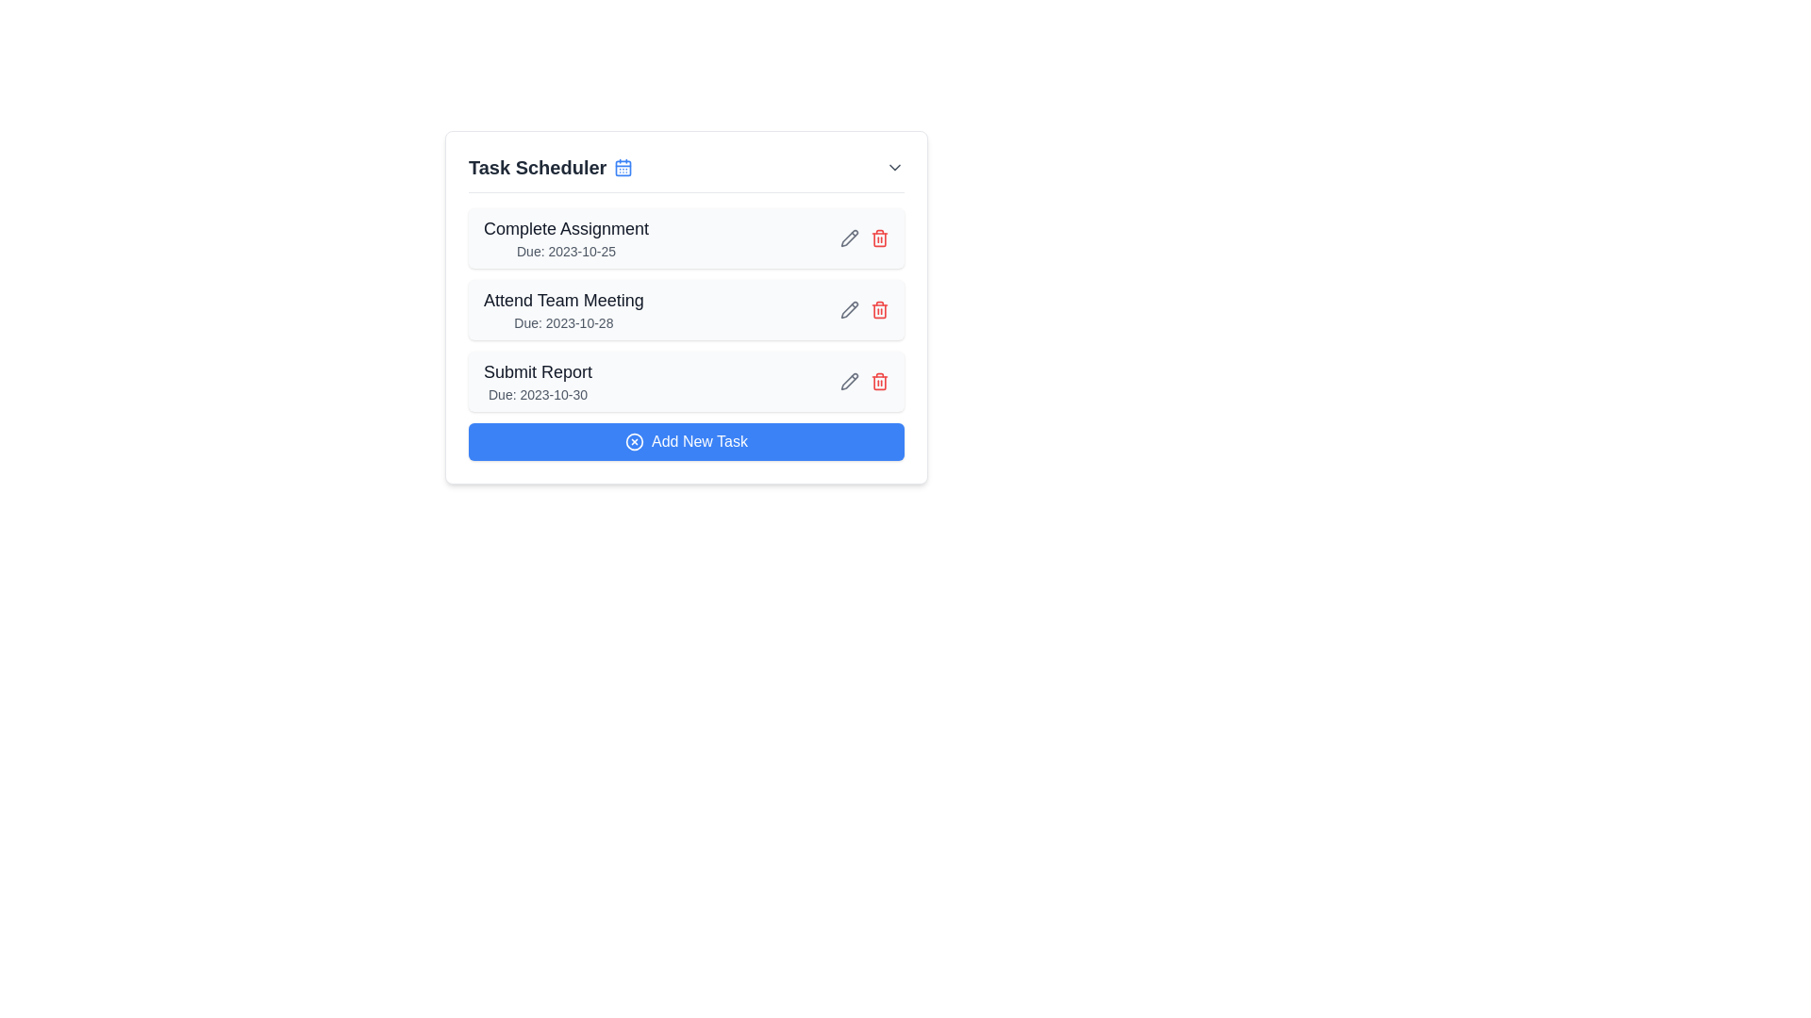 The image size is (1811, 1018). I want to click on the button with a blue background and rounded corners labeled 'Add New Task' to observe its hover effect, so click(686, 442).